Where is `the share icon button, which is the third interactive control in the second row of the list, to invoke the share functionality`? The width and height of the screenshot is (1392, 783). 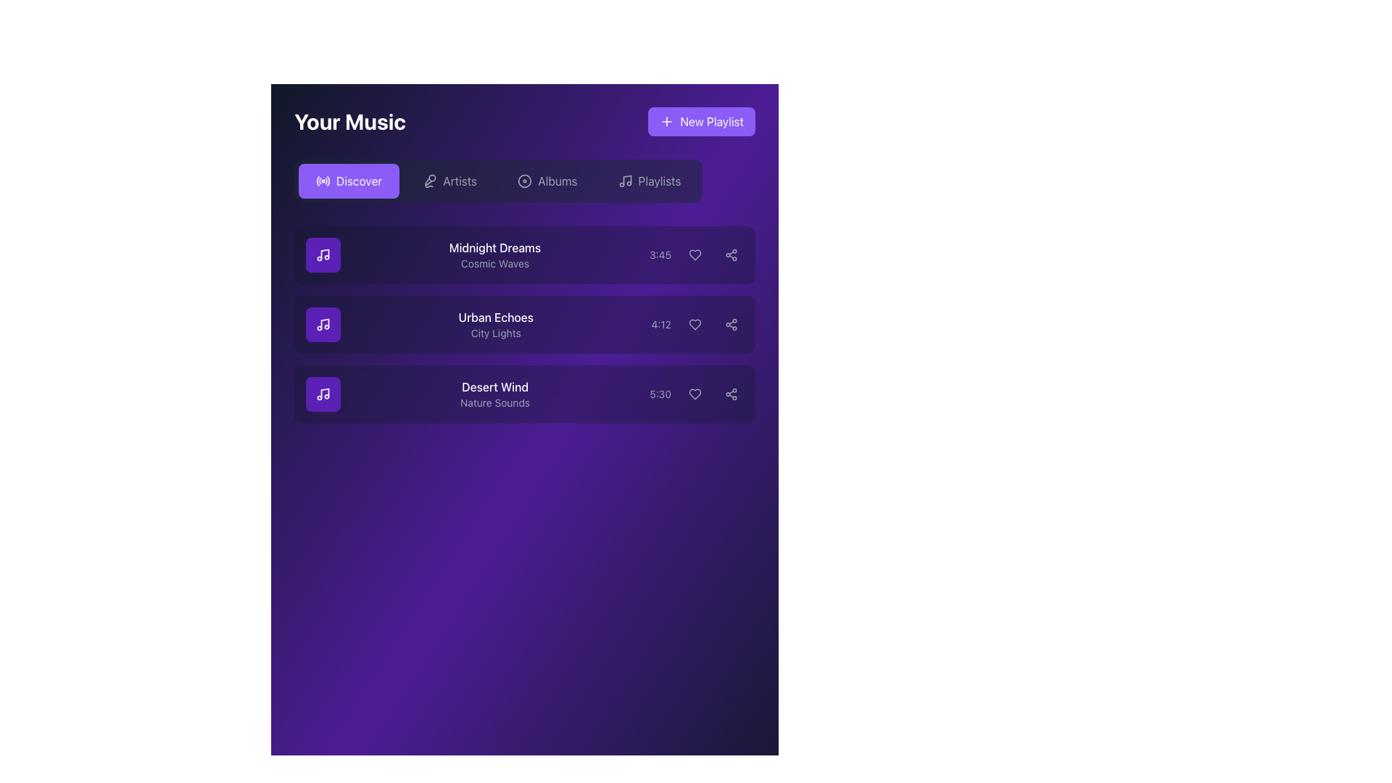
the share icon button, which is the third interactive control in the second row of the list, to invoke the share functionality is located at coordinates (731, 323).